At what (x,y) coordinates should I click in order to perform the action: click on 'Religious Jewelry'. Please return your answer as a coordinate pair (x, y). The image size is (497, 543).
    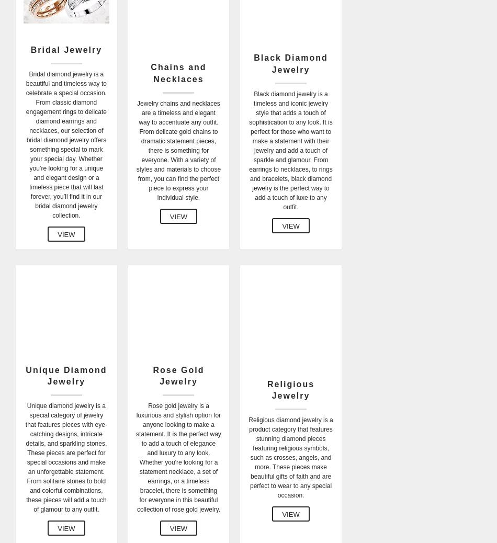
    Looking at the image, I should click on (291, 389).